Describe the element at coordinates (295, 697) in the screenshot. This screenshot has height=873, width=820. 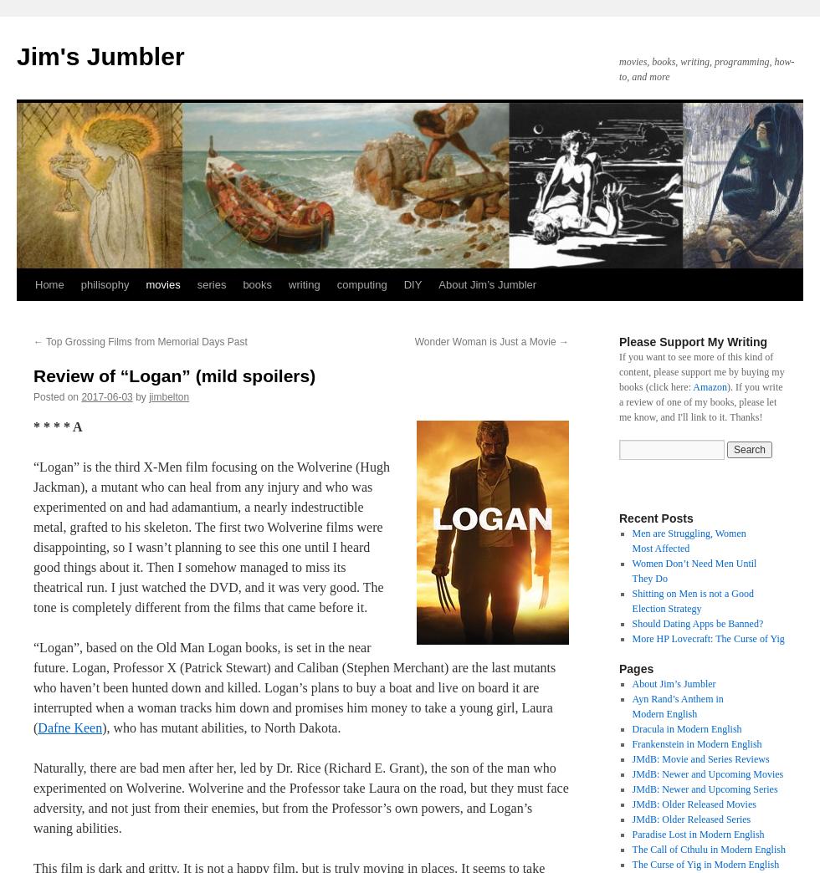
I see `'Stephen Merchant) are the last mutants who haven’t been hunted down and killed. Logan’s plans to buy a boat and live on board it are interrupted when a woman tracks him down and promises him money to take a young girl, Laura ('` at that location.